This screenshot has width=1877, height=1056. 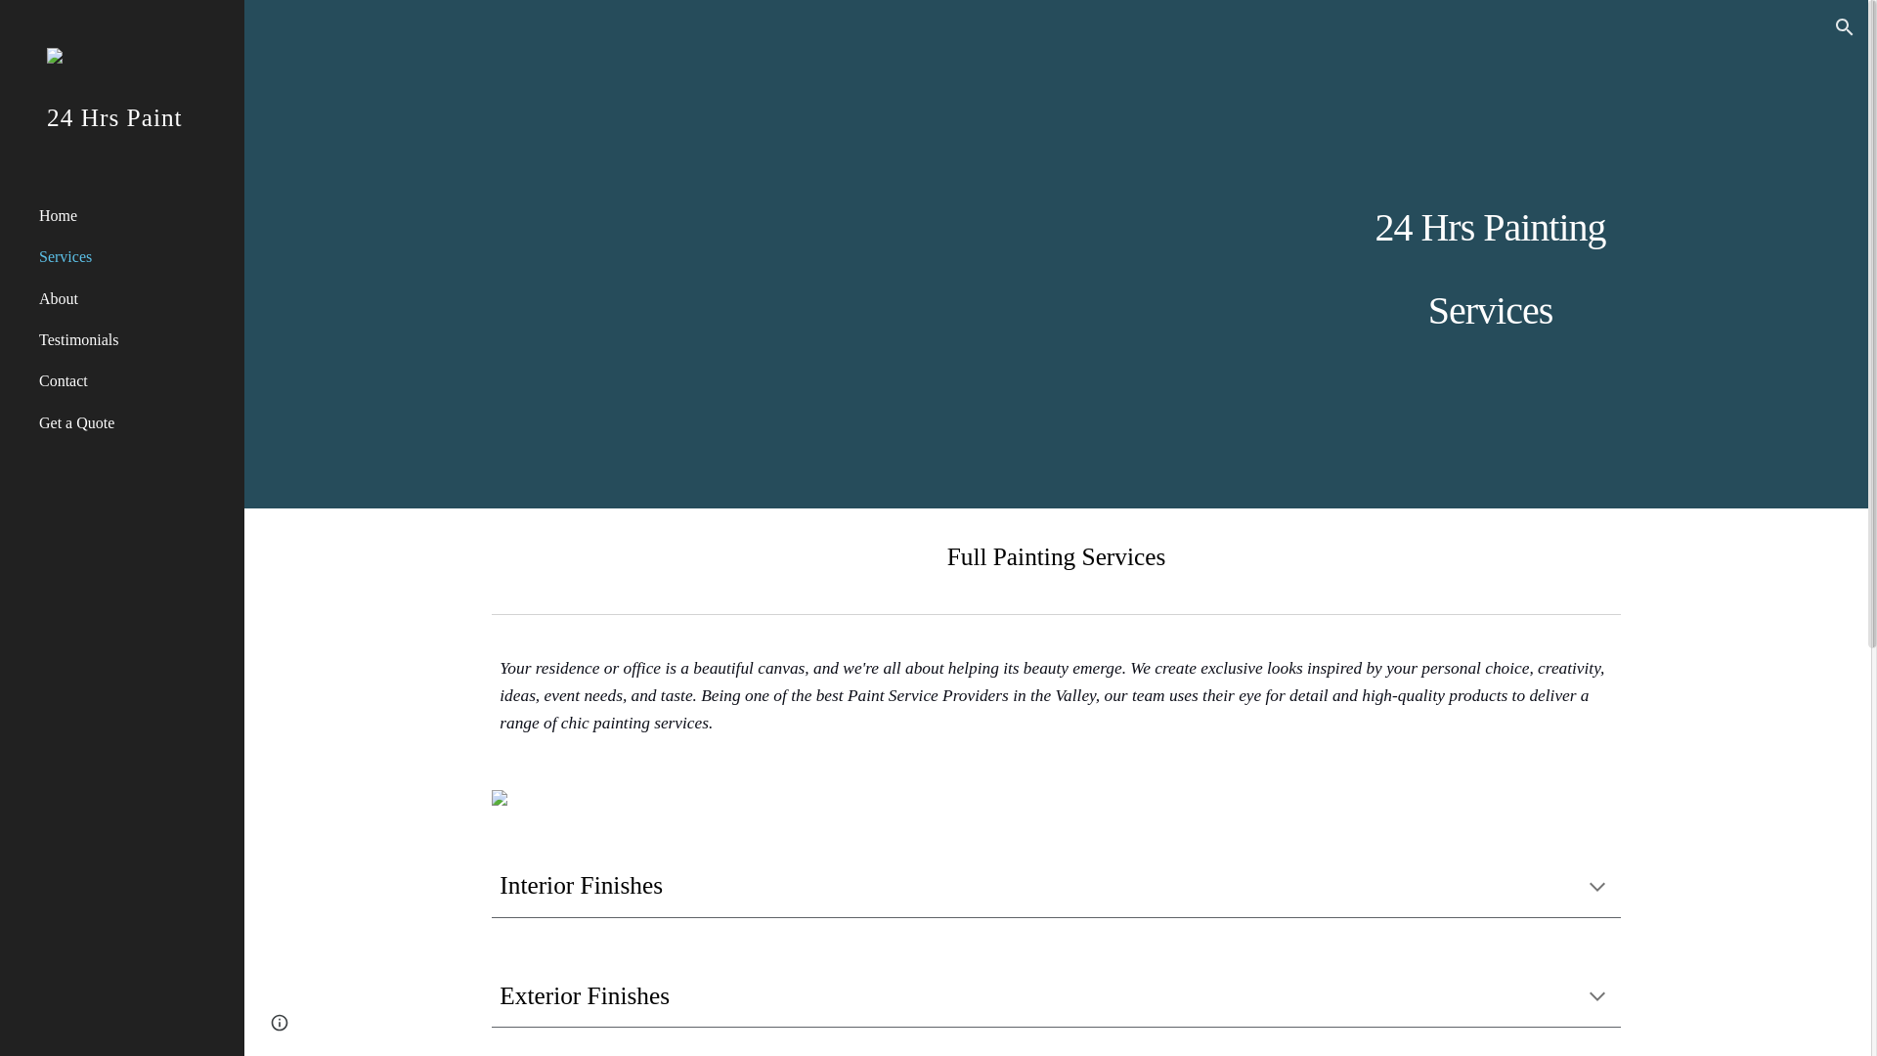 What do you see at coordinates (133, 214) in the screenshot?
I see `'Home'` at bounding box center [133, 214].